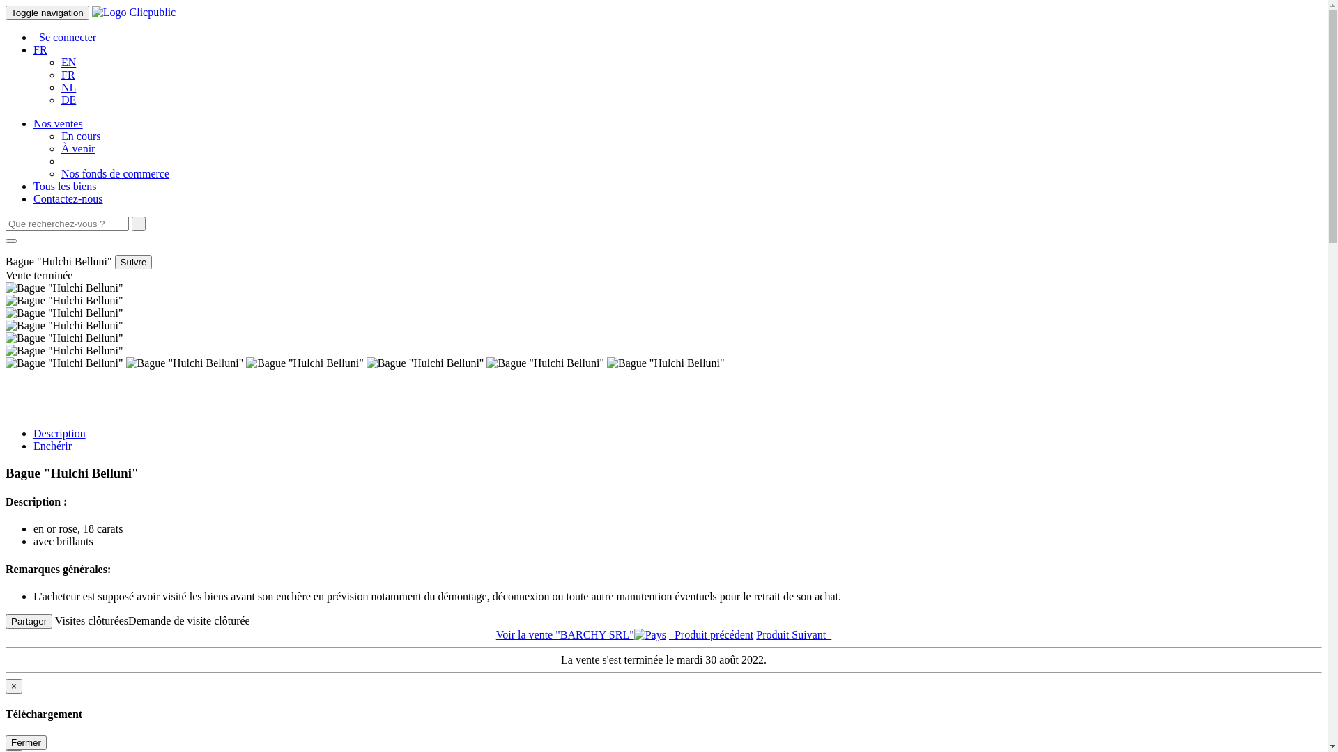 This screenshot has height=752, width=1338. I want to click on 'Bague "Hulchi Belluni"', so click(184, 362).